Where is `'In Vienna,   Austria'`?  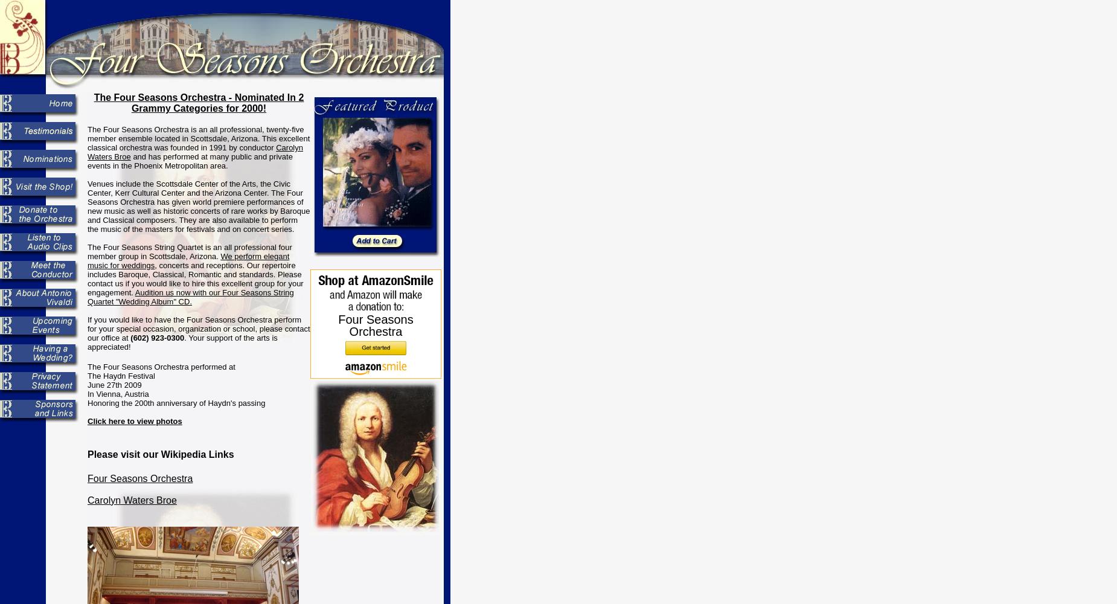
'In Vienna,   Austria' is located at coordinates (117, 394).